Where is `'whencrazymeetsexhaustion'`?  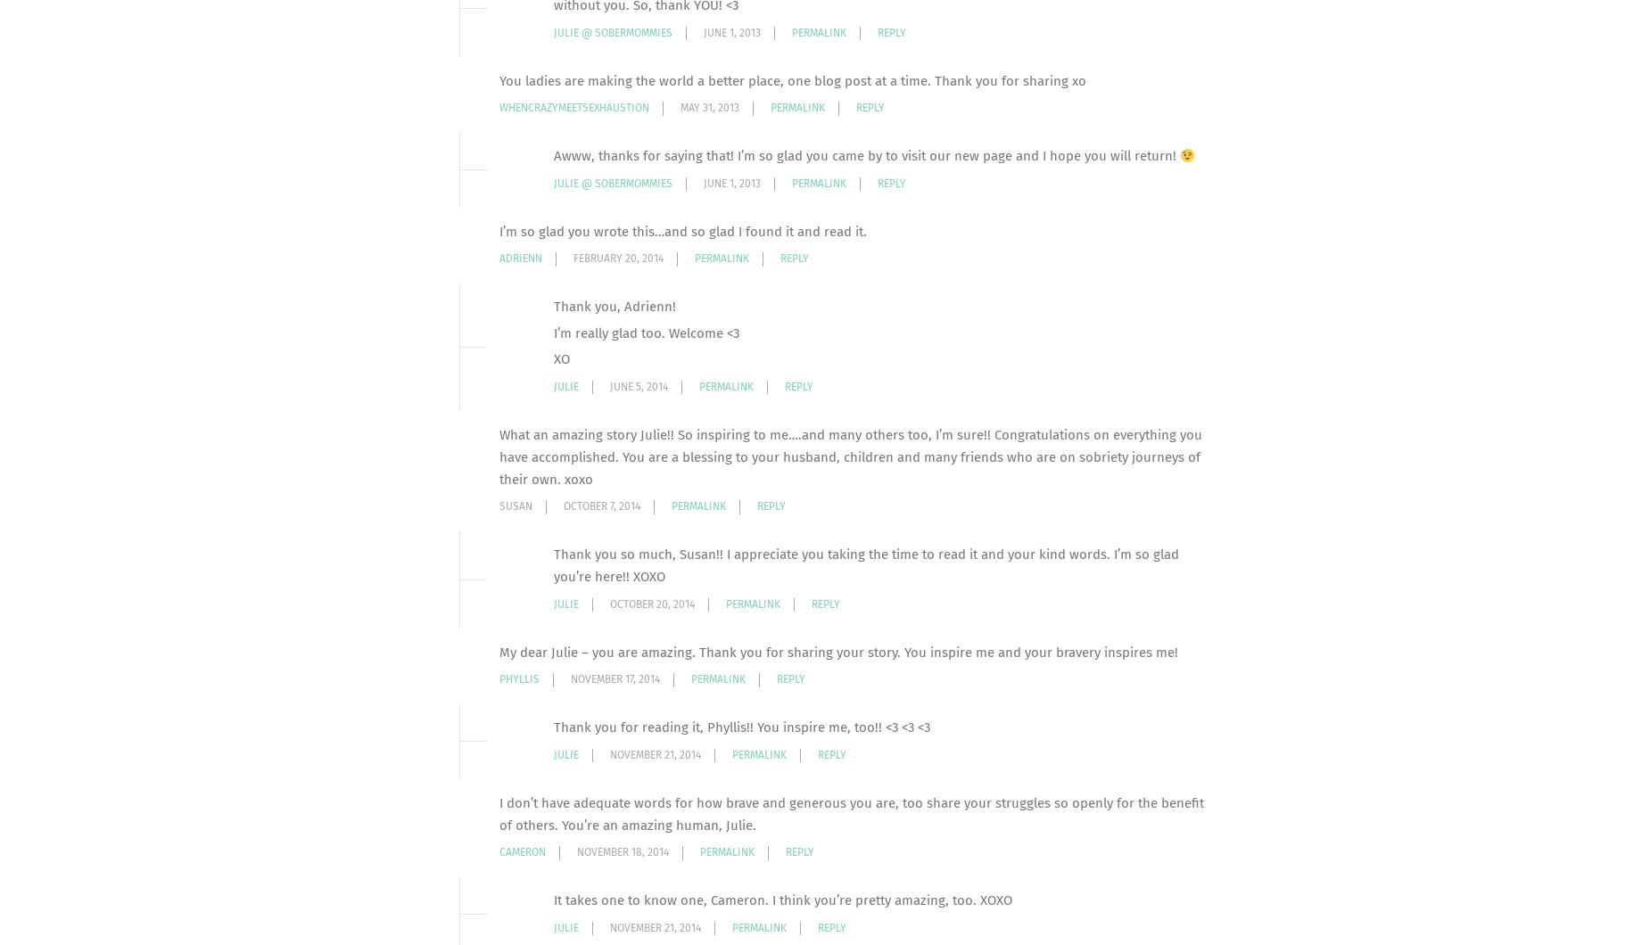 'whencrazymeetsexhaustion' is located at coordinates (573, 108).